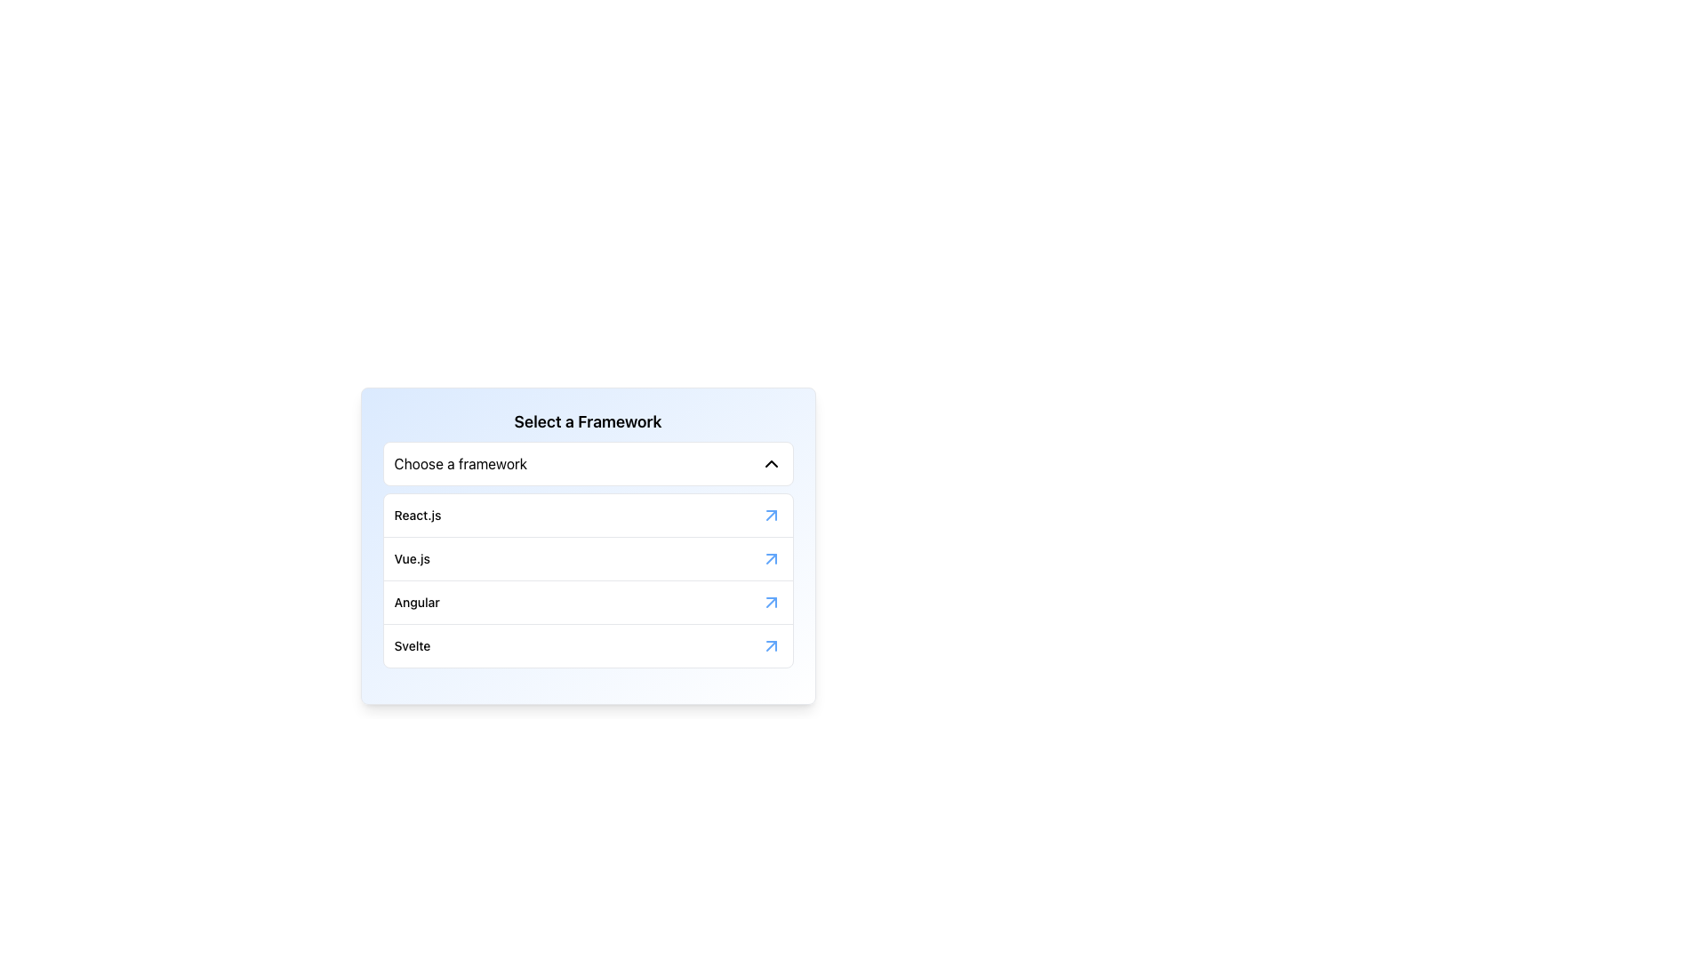 This screenshot has height=960, width=1707. Describe the element at coordinates (411, 557) in the screenshot. I see `the text label indicating the framework option 'Vue.js' in the selectable list of frameworks` at that location.